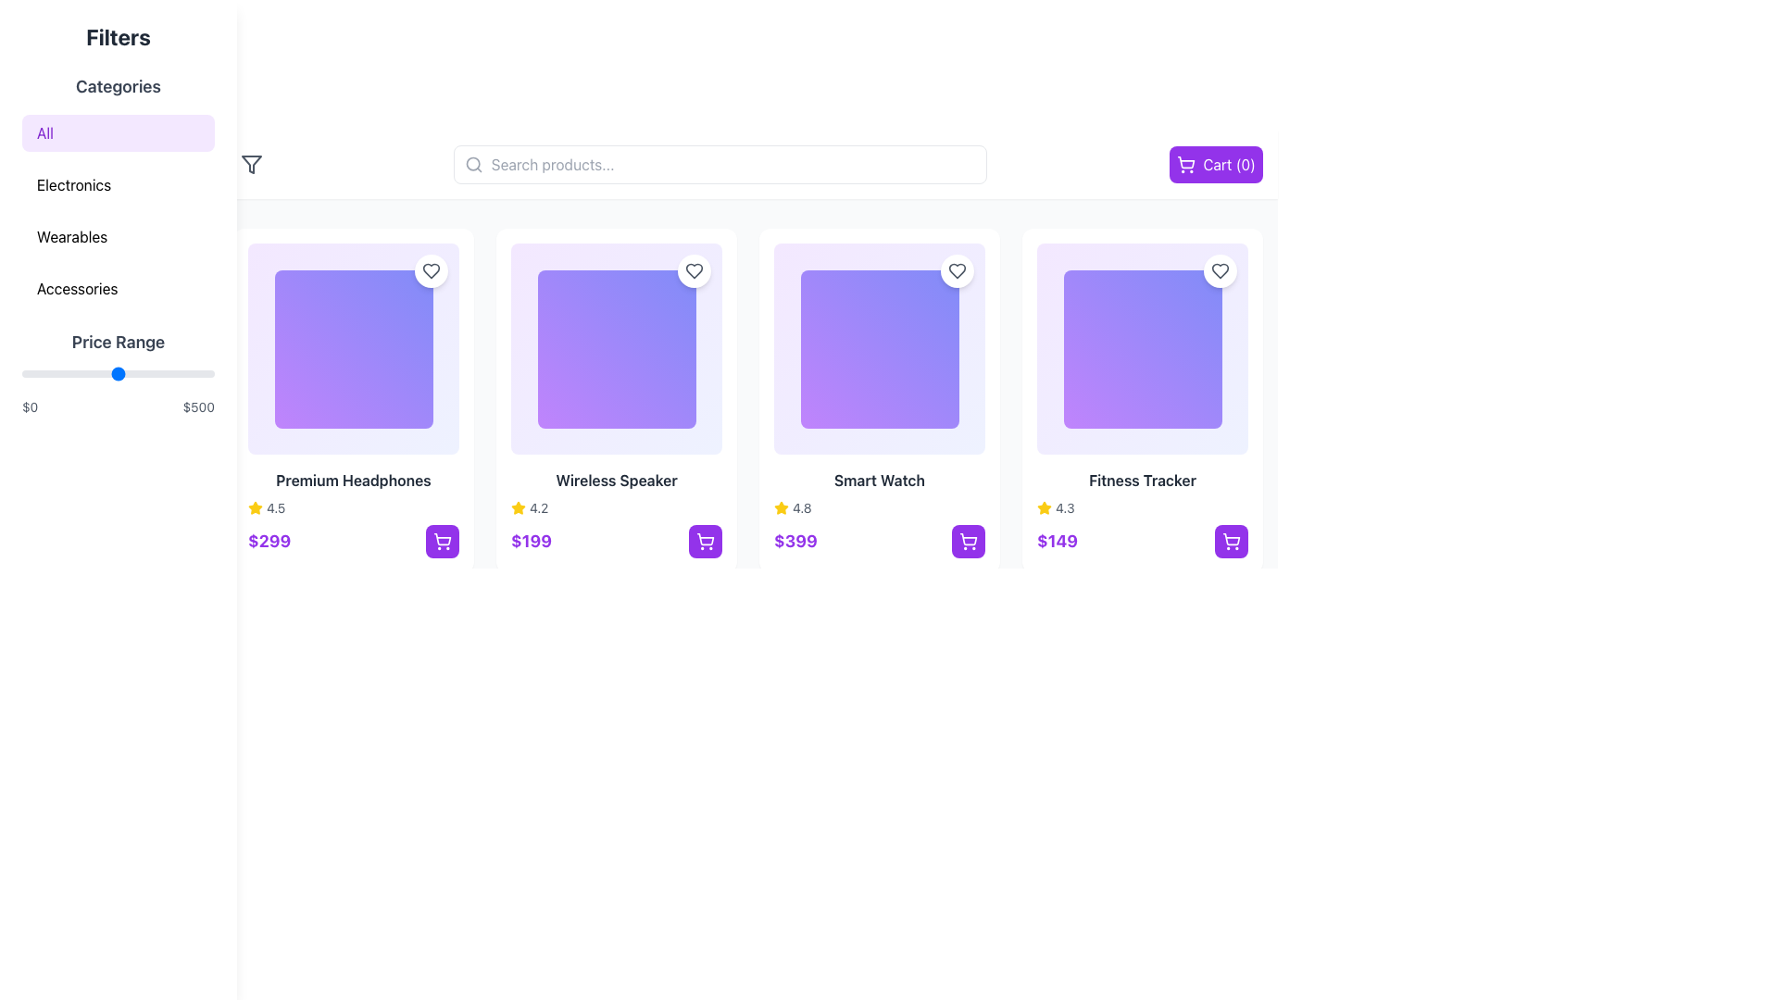  What do you see at coordinates (430, 271) in the screenshot?
I see `the 'favorite' or 'like' button located in the top-right corner of the 'Premium Headphones' product card to activate the hover effect` at bounding box center [430, 271].